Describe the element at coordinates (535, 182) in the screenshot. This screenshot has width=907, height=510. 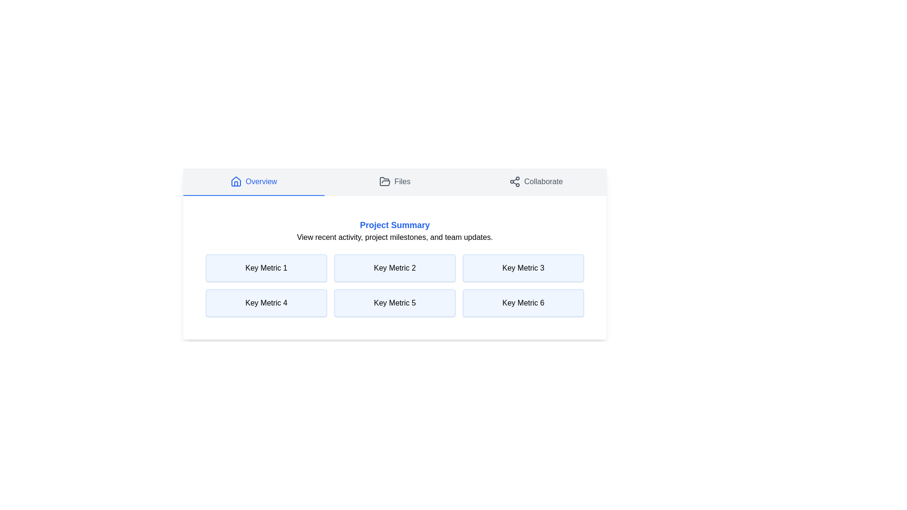
I see `the 'Collaborate' button located at the far right of the navigation bar` at that location.